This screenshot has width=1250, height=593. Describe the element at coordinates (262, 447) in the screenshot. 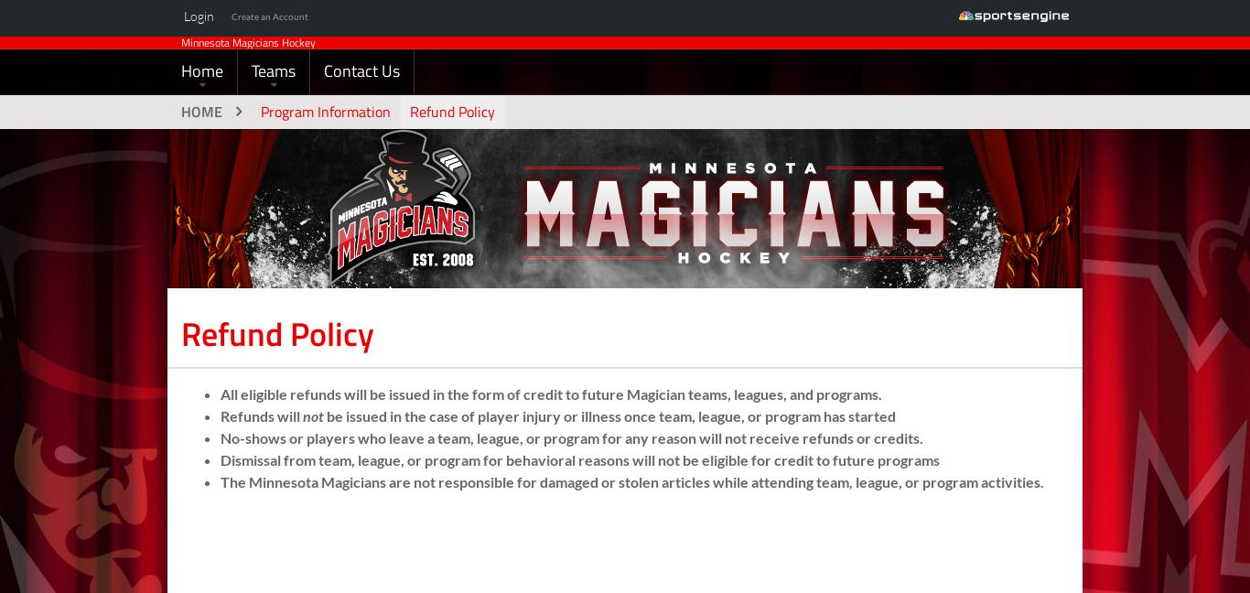

I see `'Refunds will'` at that location.